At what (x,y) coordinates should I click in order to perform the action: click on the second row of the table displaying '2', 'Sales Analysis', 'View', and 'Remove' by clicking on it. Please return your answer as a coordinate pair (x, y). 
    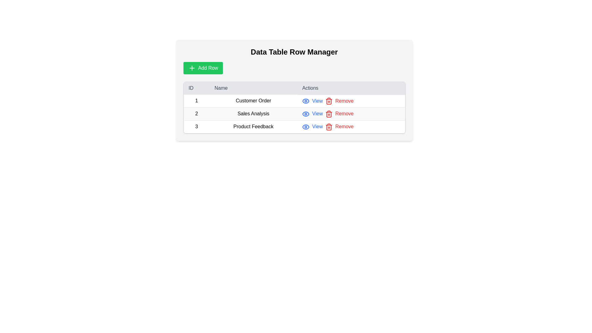
    Looking at the image, I should click on (294, 114).